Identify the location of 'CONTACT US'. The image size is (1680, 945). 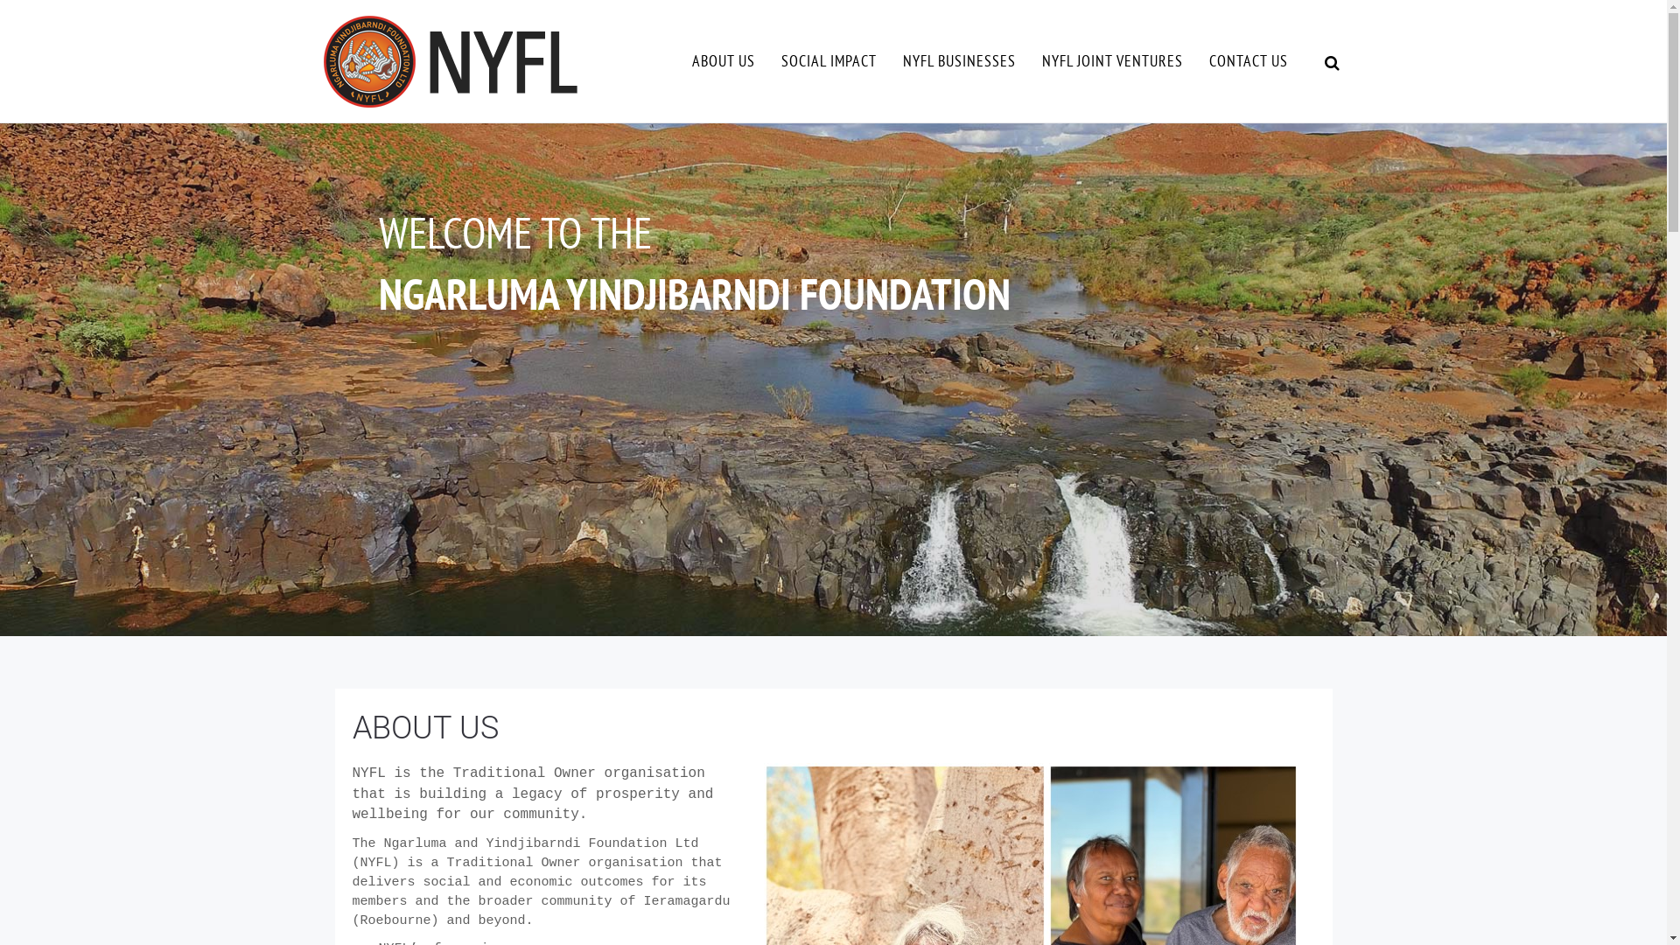
(1246, 59).